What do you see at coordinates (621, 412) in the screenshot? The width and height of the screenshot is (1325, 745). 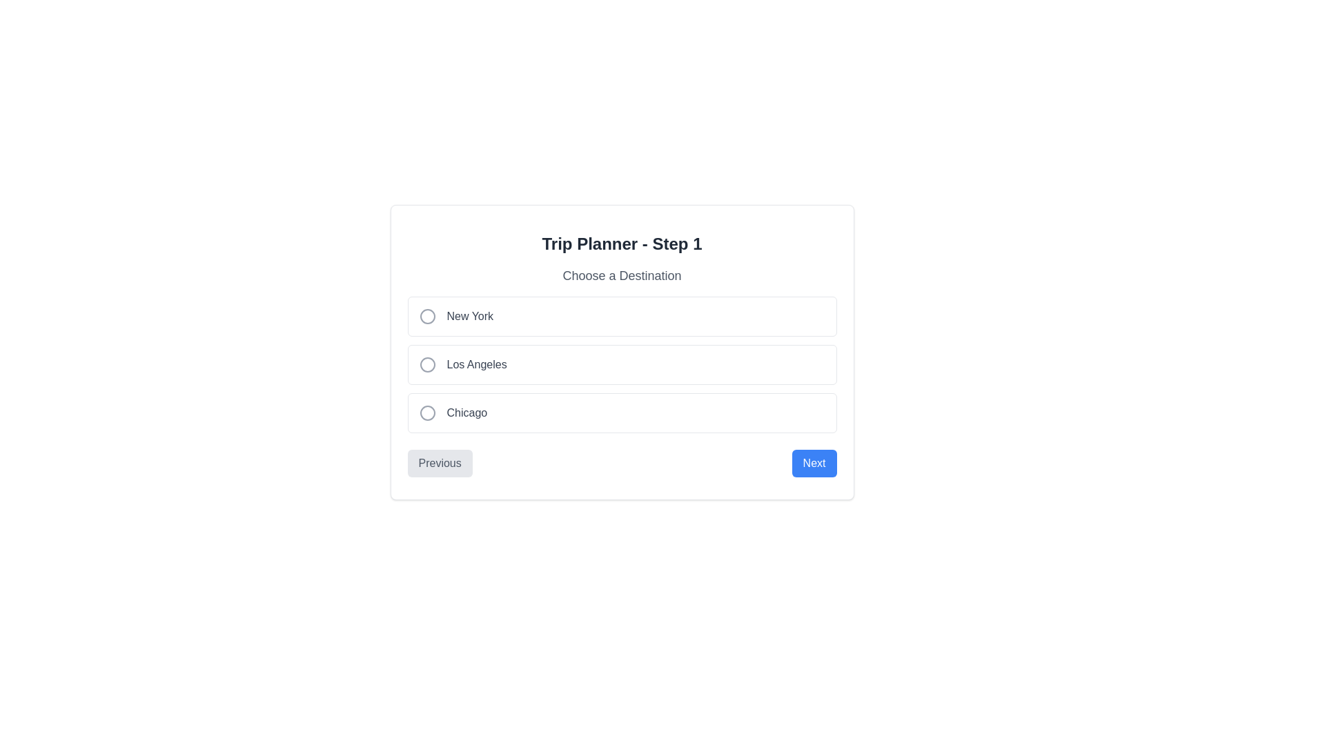 I see `the 'Chicago' radio button option, which is the third option in the vertical list of radio buttons labeled 'Choose a Destination'` at bounding box center [621, 412].